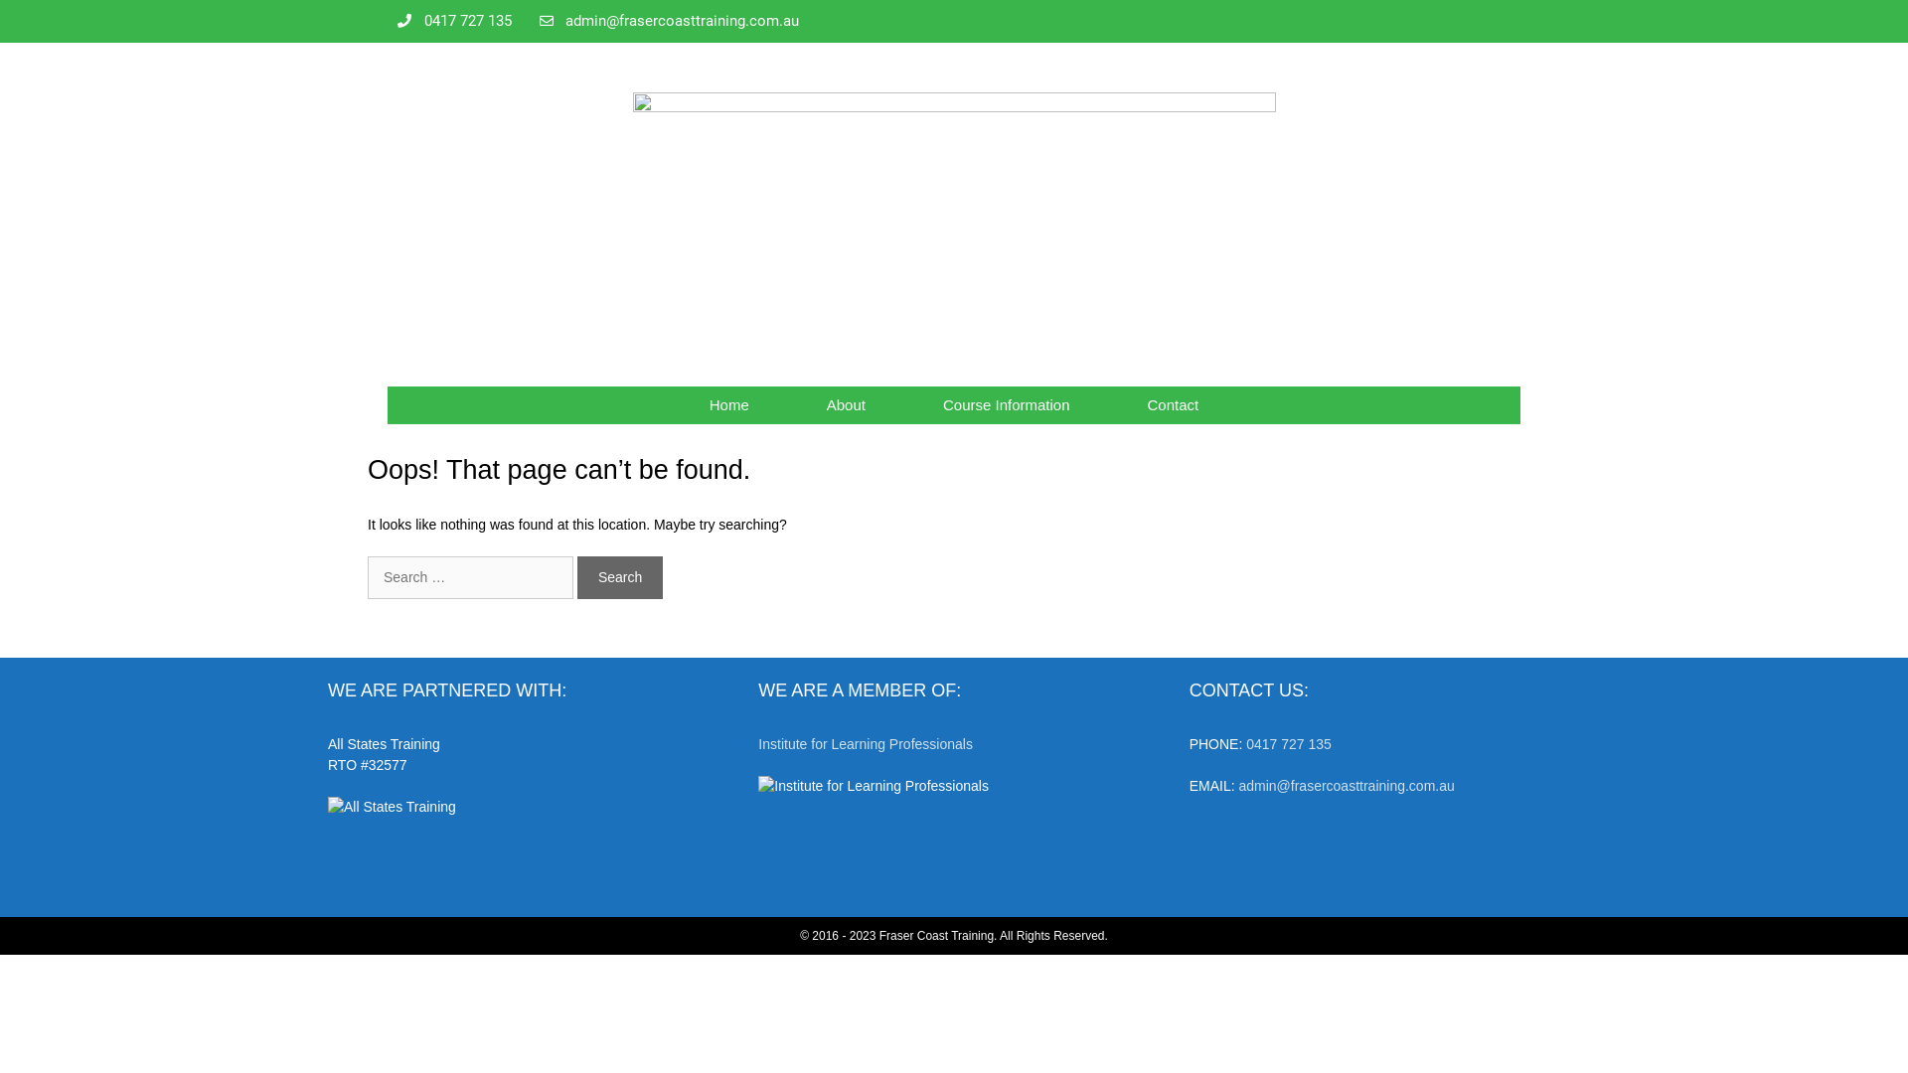 This screenshot has width=1908, height=1073. I want to click on 'About', so click(846, 404).